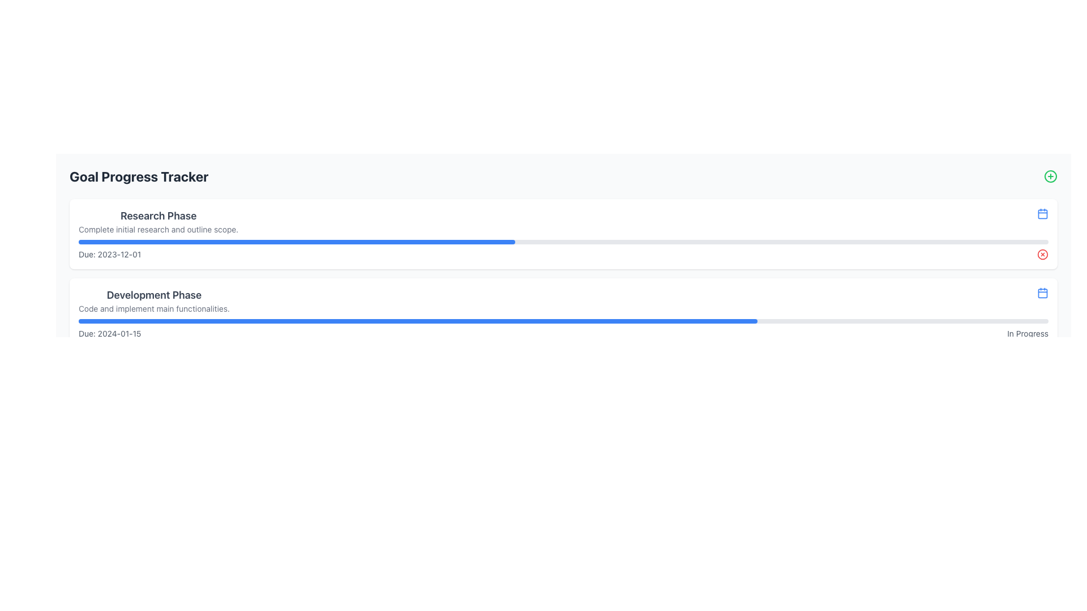  What do you see at coordinates (158, 229) in the screenshot?
I see `the static text label that reads 'Complete initial research and outline scope.' which is located below the 'Research Phase' title and above the progress bar` at bounding box center [158, 229].